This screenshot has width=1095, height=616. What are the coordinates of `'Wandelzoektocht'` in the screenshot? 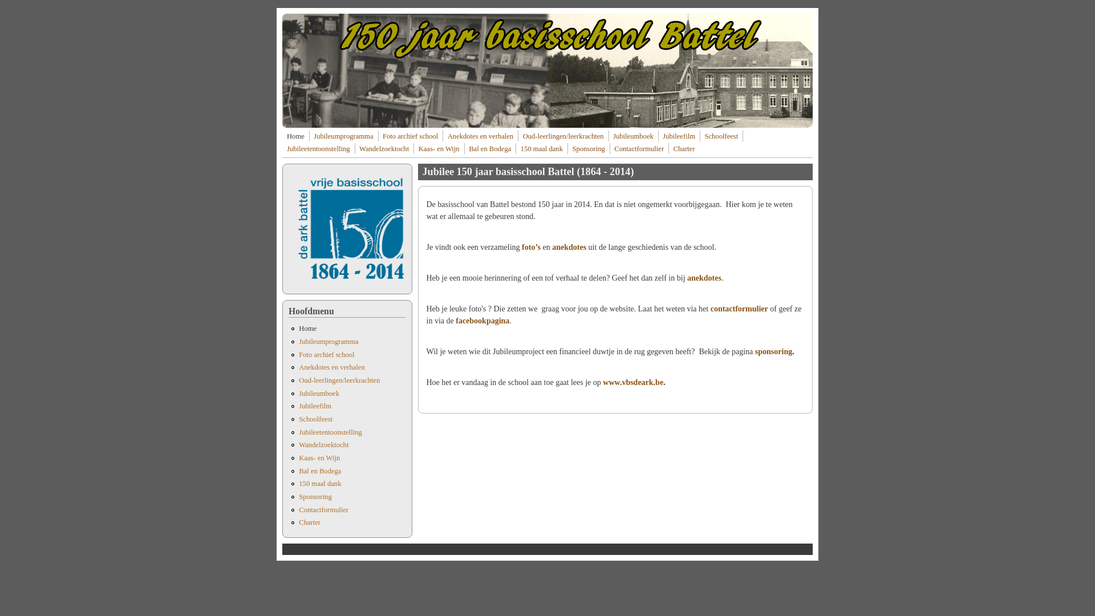 It's located at (384, 148).